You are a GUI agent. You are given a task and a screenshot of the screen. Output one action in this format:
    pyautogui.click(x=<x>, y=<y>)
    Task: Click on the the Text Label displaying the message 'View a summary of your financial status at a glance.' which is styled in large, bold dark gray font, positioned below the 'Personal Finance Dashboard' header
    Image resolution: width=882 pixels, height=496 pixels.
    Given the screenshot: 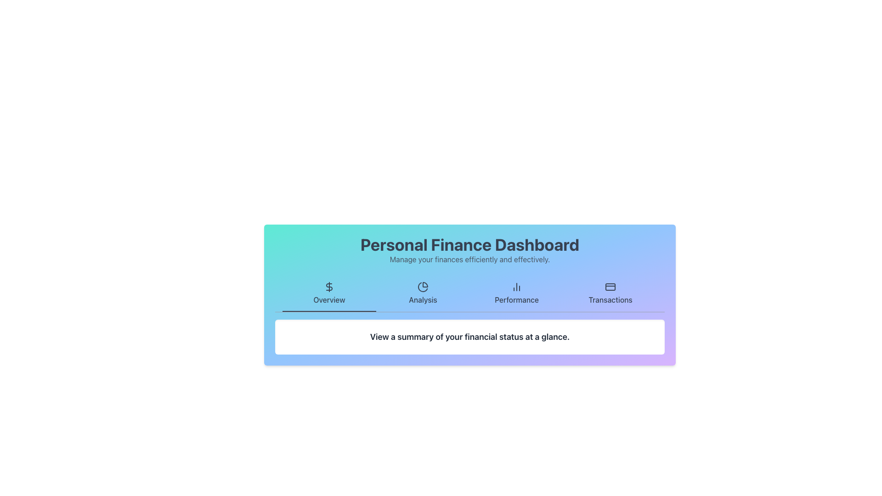 What is the action you would take?
    pyautogui.click(x=469, y=337)
    